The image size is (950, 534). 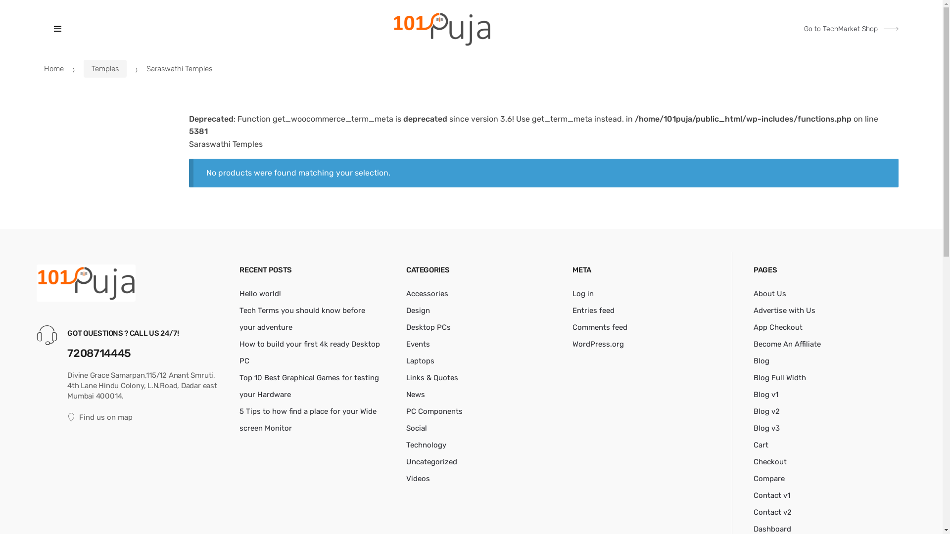 I want to click on 'App Checkout', so click(x=777, y=327).